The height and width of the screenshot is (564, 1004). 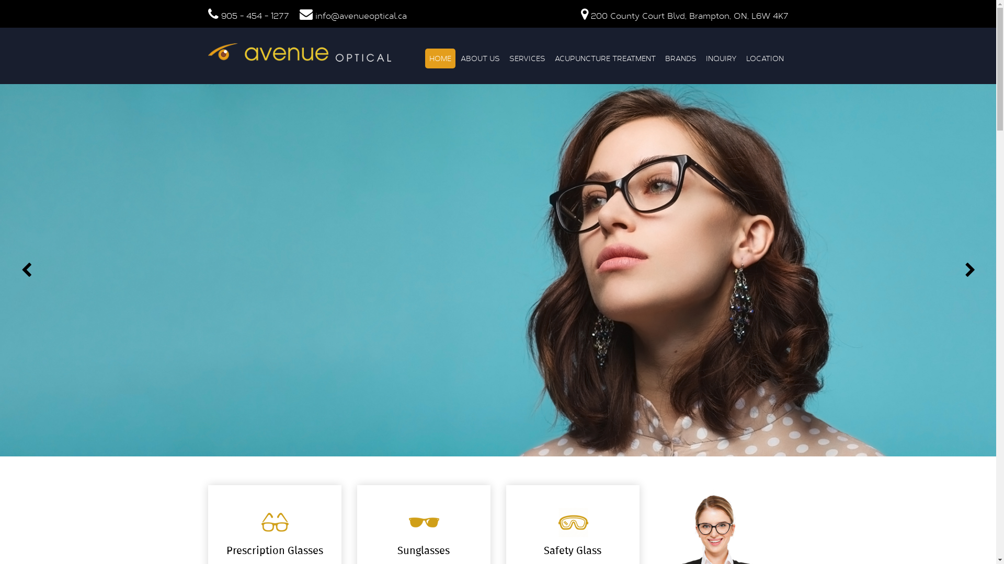 What do you see at coordinates (439, 58) in the screenshot?
I see `'HOME'` at bounding box center [439, 58].